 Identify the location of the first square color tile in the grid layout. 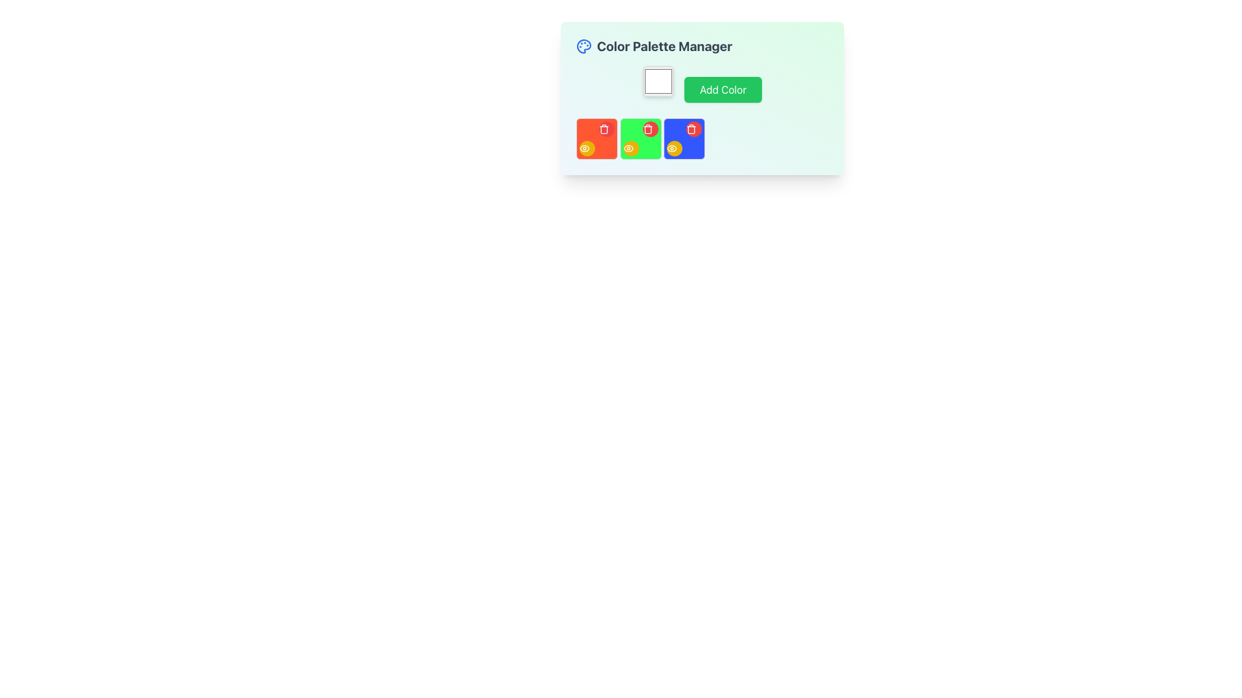
(596, 139).